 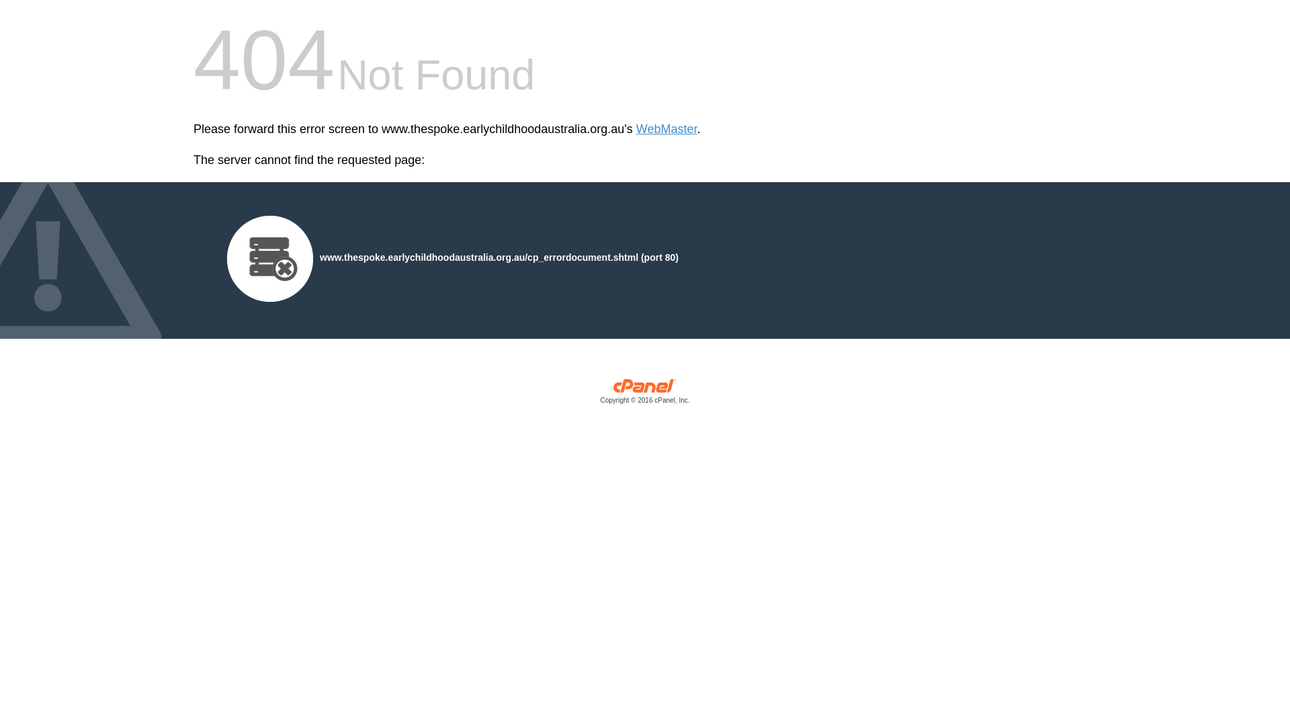 I want to click on 'WebMaster', so click(x=635, y=129).